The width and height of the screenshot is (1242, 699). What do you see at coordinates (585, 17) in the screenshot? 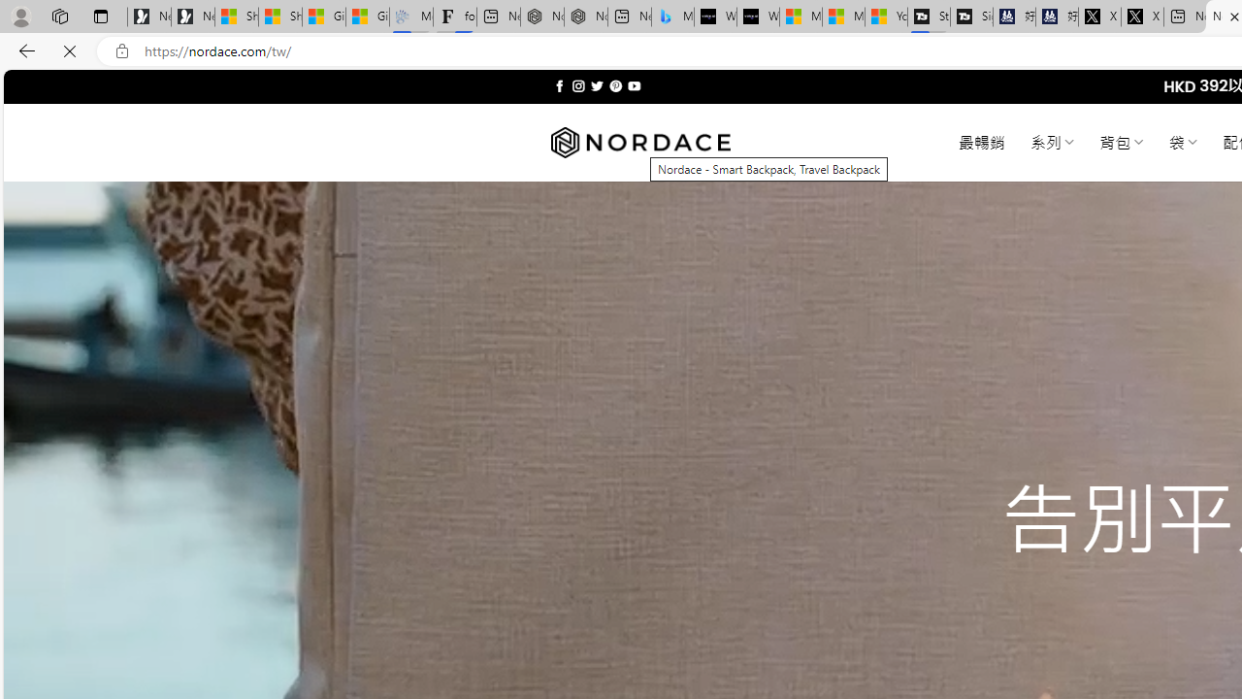
I see `'Nordace - #1 Japanese Best-Seller - Siena Smart Backpack'` at bounding box center [585, 17].